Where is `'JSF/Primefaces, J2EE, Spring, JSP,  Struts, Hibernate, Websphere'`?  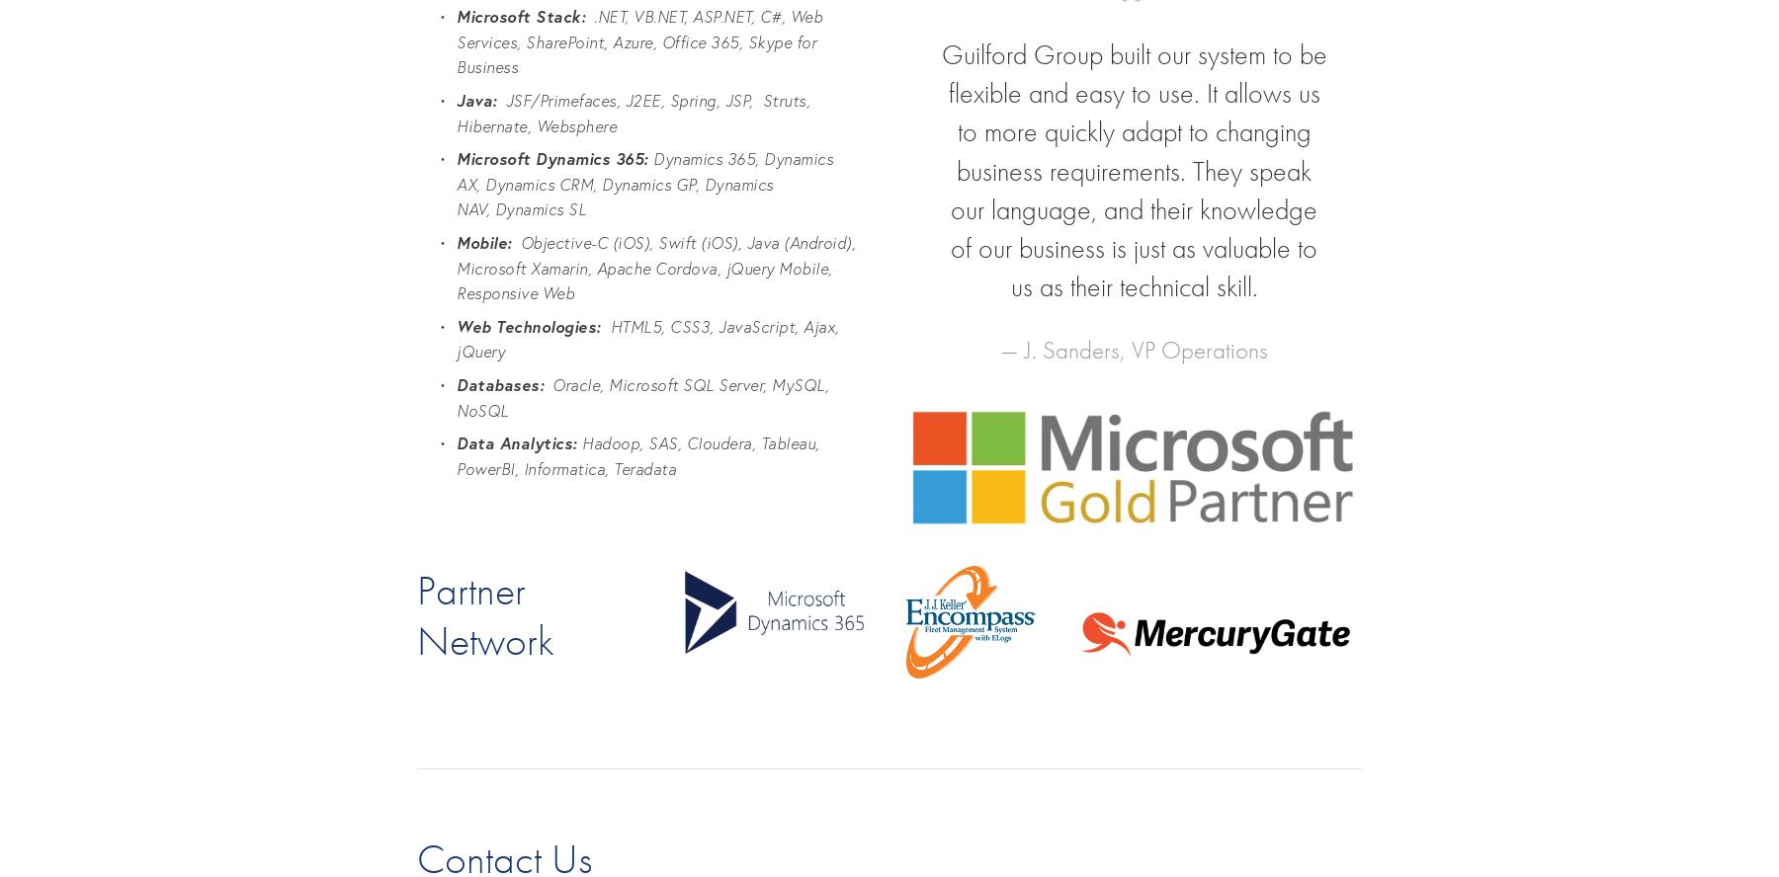
'JSF/Primefaces, J2EE, Spring, JSP,  Struts, Hibernate, Websphere' is located at coordinates (635, 113).